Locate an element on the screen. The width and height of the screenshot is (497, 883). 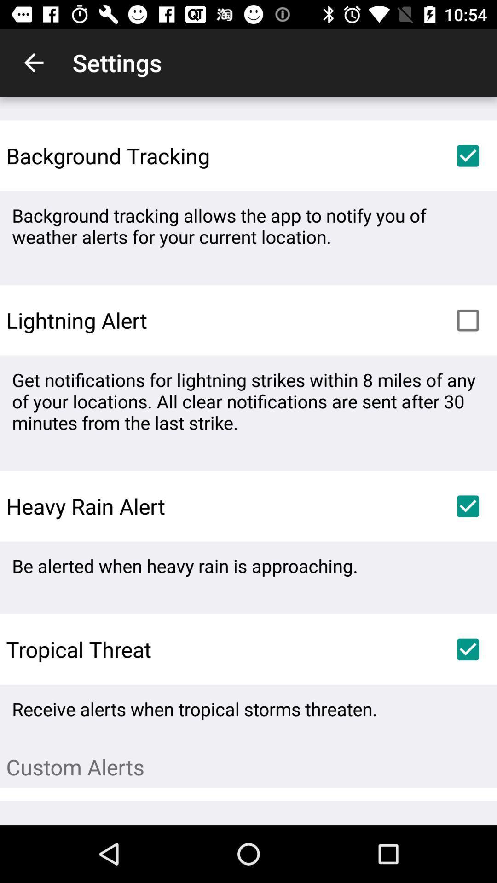
the checkbox at the top right corner is located at coordinates (468, 156).